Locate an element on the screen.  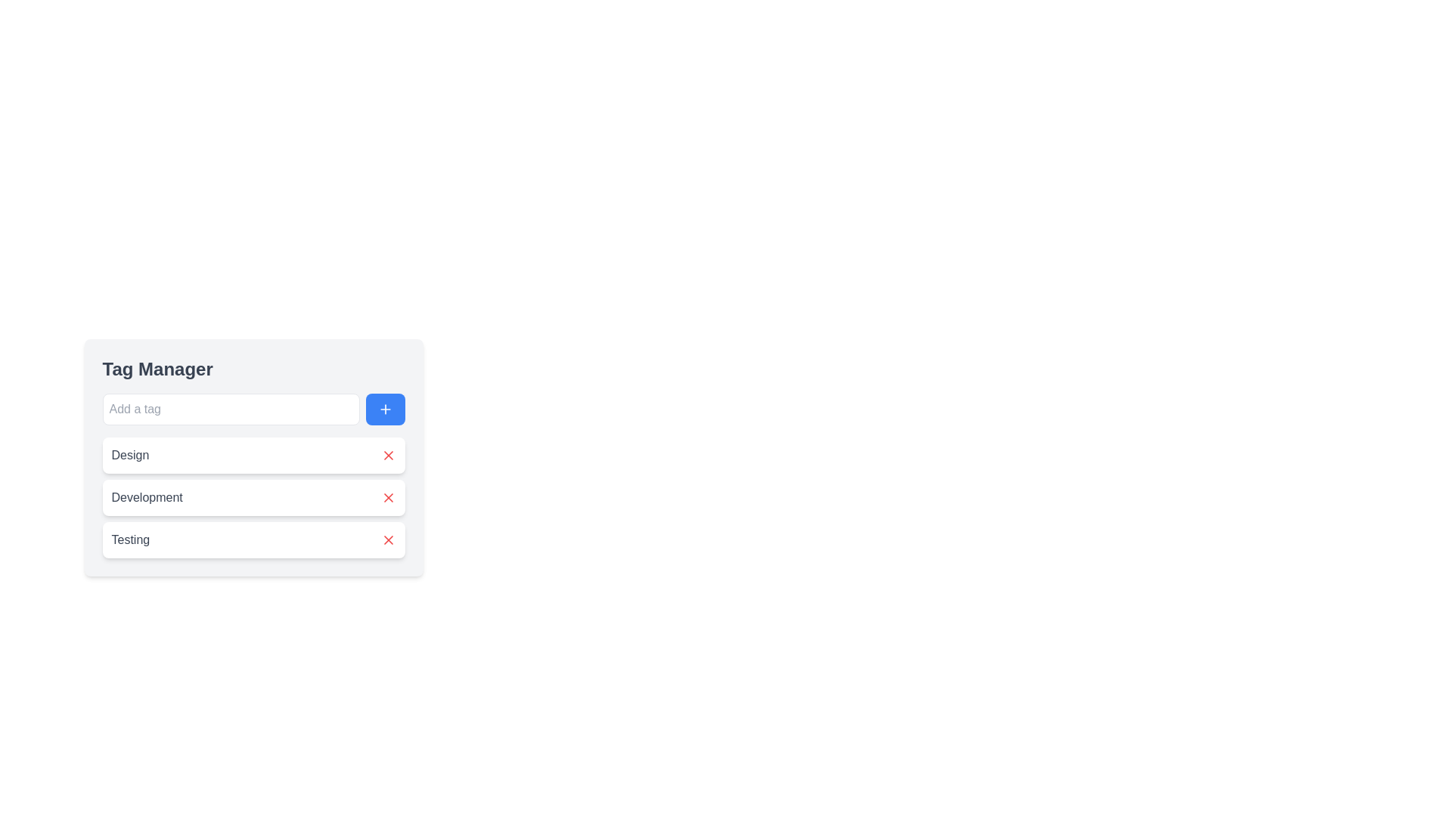
the delete icon in the 'Development' list item within the 'Tag Manager' interface is located at coordinates (388, 498).